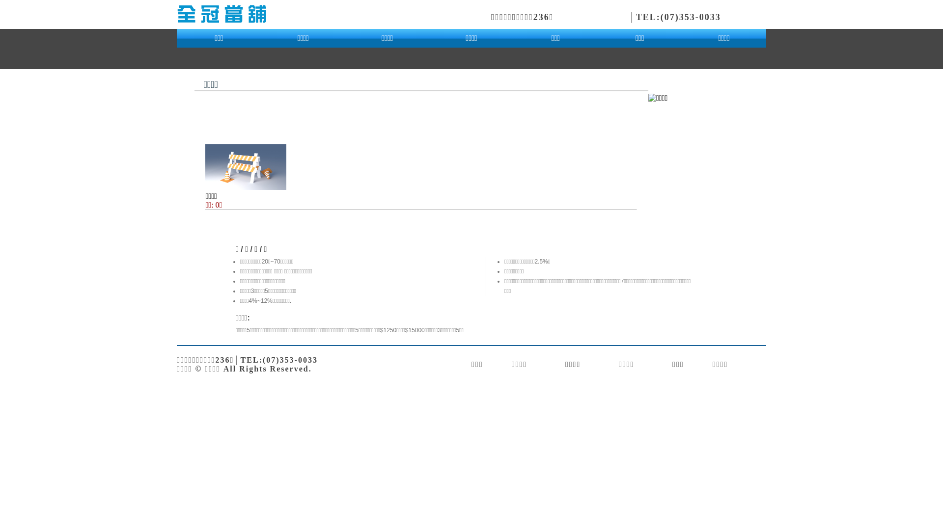  What do you see at coordinates (678, 17) in the screenshot?
I see `'TEL:(07)353-0033'` at bounding box center [678, 17].